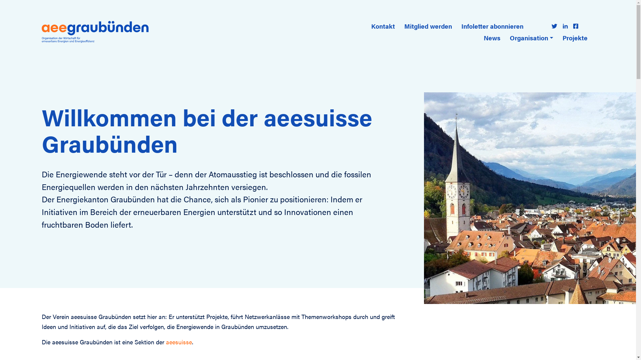 This screenshot has height=360, width=641. What do you see at coordinates (492, 38) in the screenshot?
I see `'News'` at bounding box center [492, 38].